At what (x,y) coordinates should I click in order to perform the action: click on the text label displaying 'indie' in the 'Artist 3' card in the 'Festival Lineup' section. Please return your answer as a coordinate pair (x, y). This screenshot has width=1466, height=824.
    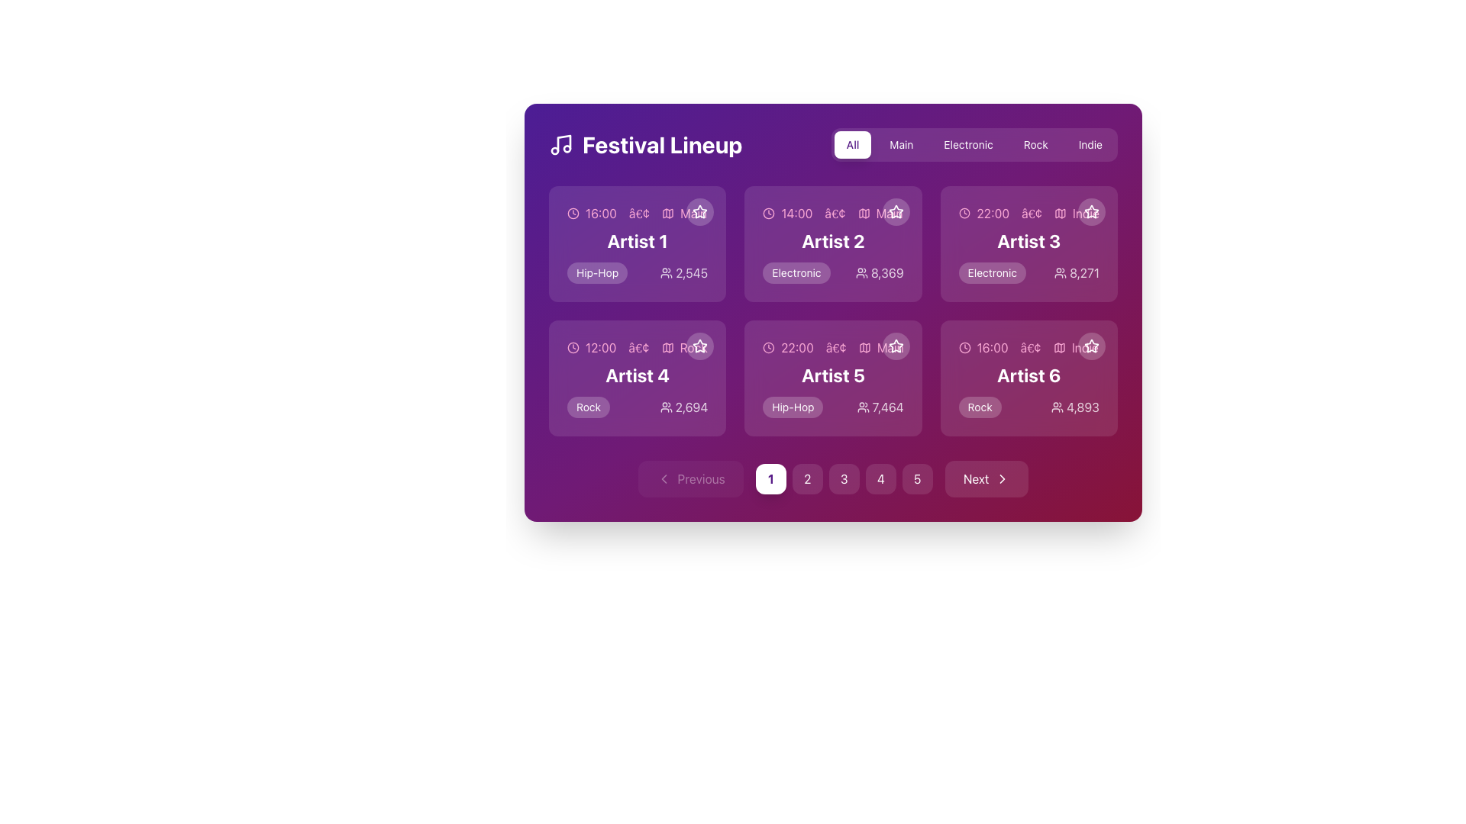
    Looking at the image, I should click on (1085, 214).